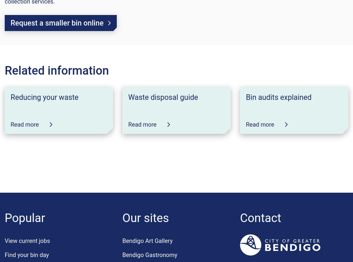  Describe the element at coordinates (260, 218) in the screenshot. I see `'Contact'` at that location.